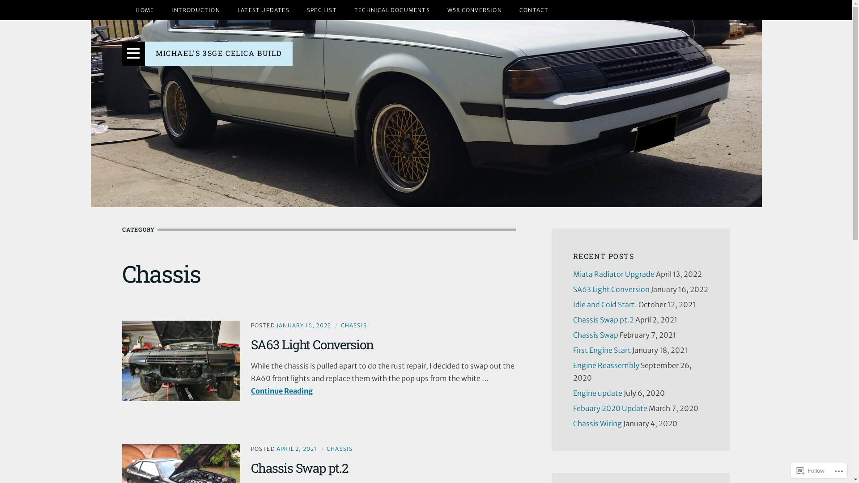 The width and height of the screenshot is (859, 483). I want to click on 'TECHNICAL DOCUMENTS', so click(392, 10).